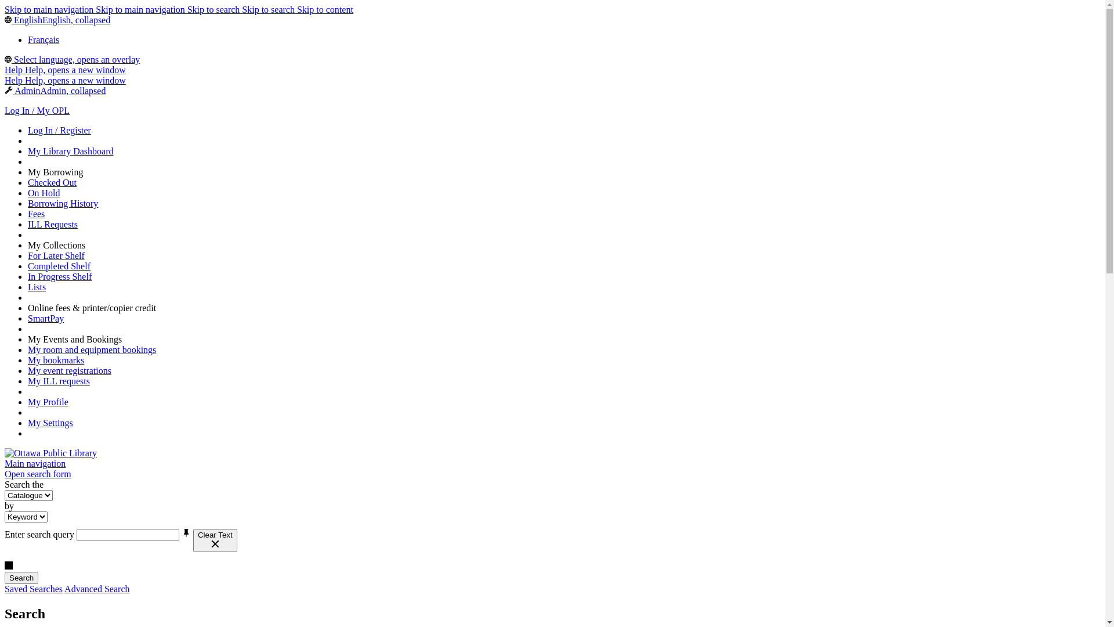 The height and width of the screenshot is (627, 1114). Describe the element at coordinates (55, 359) in the screenshot. I see `'My bookmarks'` at that location.